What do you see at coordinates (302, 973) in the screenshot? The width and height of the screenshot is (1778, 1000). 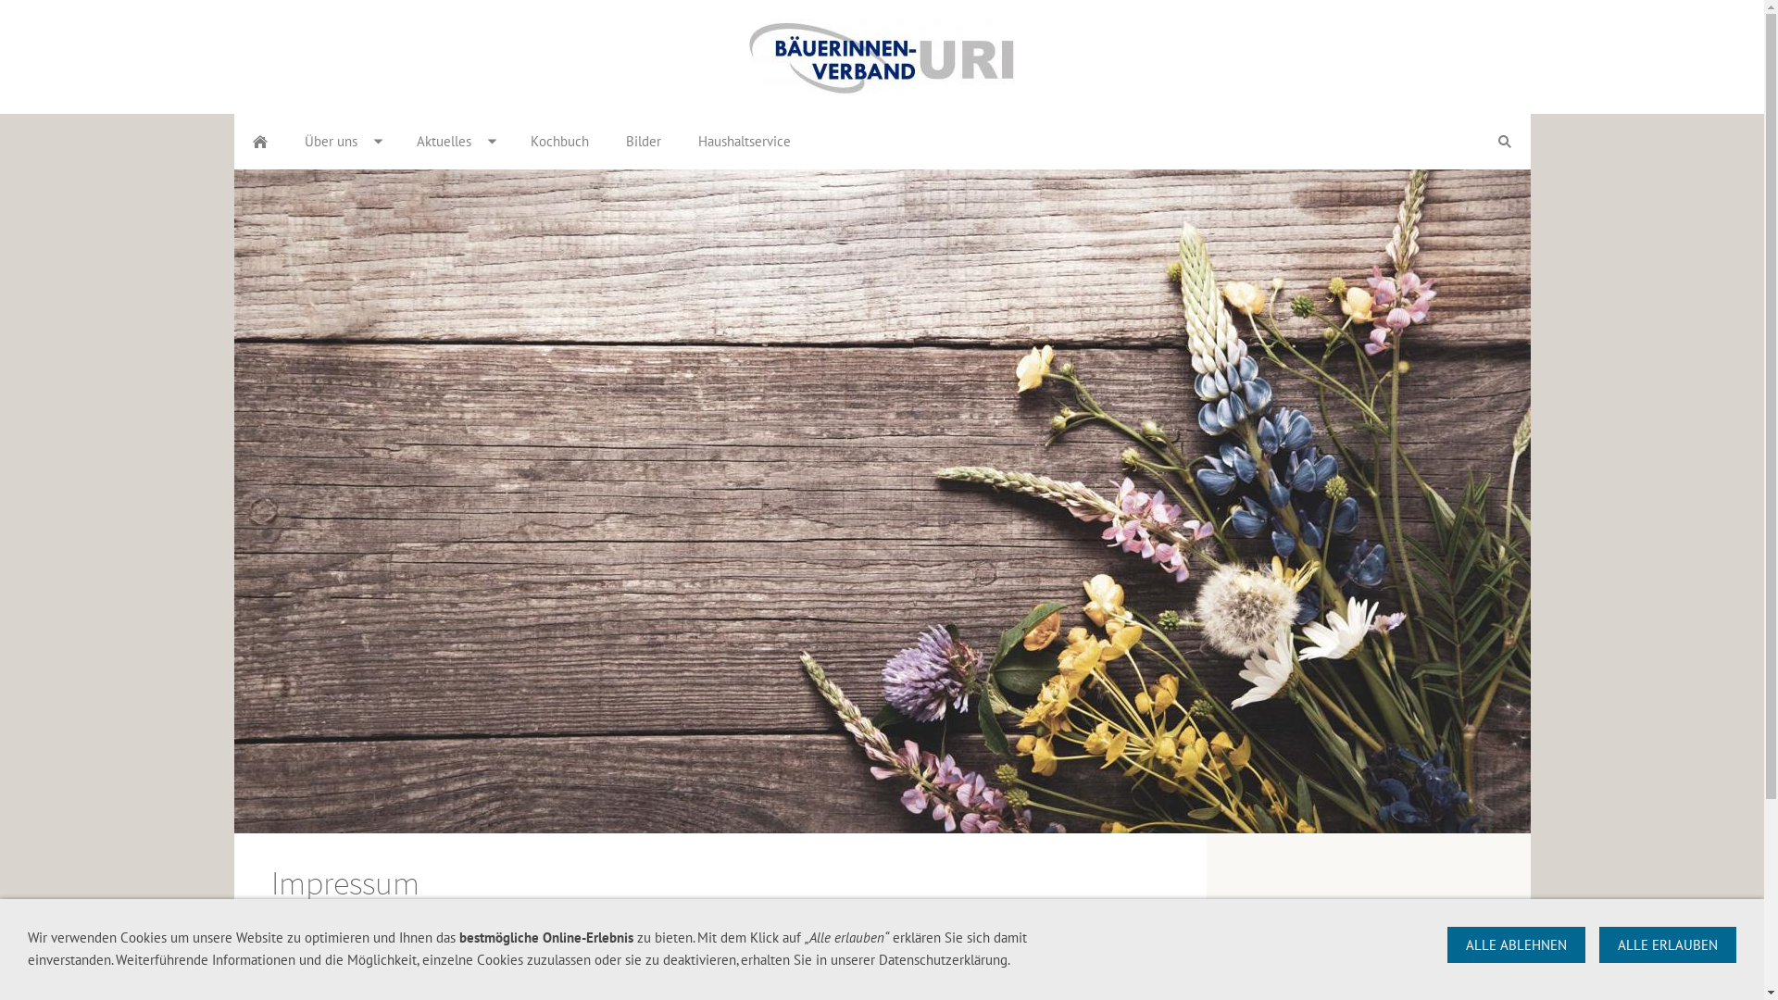 I see `'edith.gisler@baeuerinnen-uri.ch'` at bounding box center [302, 973].